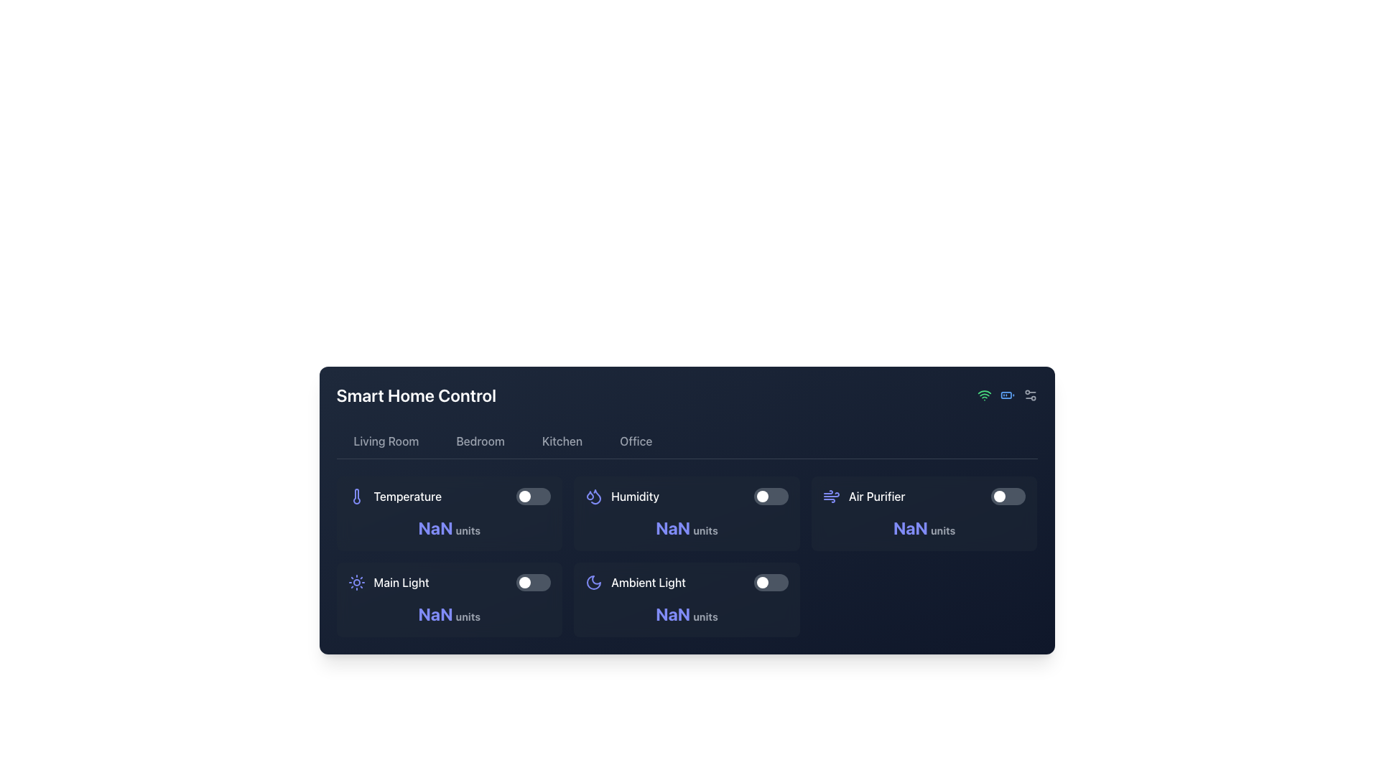 Image resolution: width=1379 pixels, height=775 pixels. Describe the element at coordinates (389, 583) in the screenshot. I see `the 'Main Light' label, which features a purple sun icon and bold white text, located in the bottom-left section of the 'Living Room' panel` at that location.